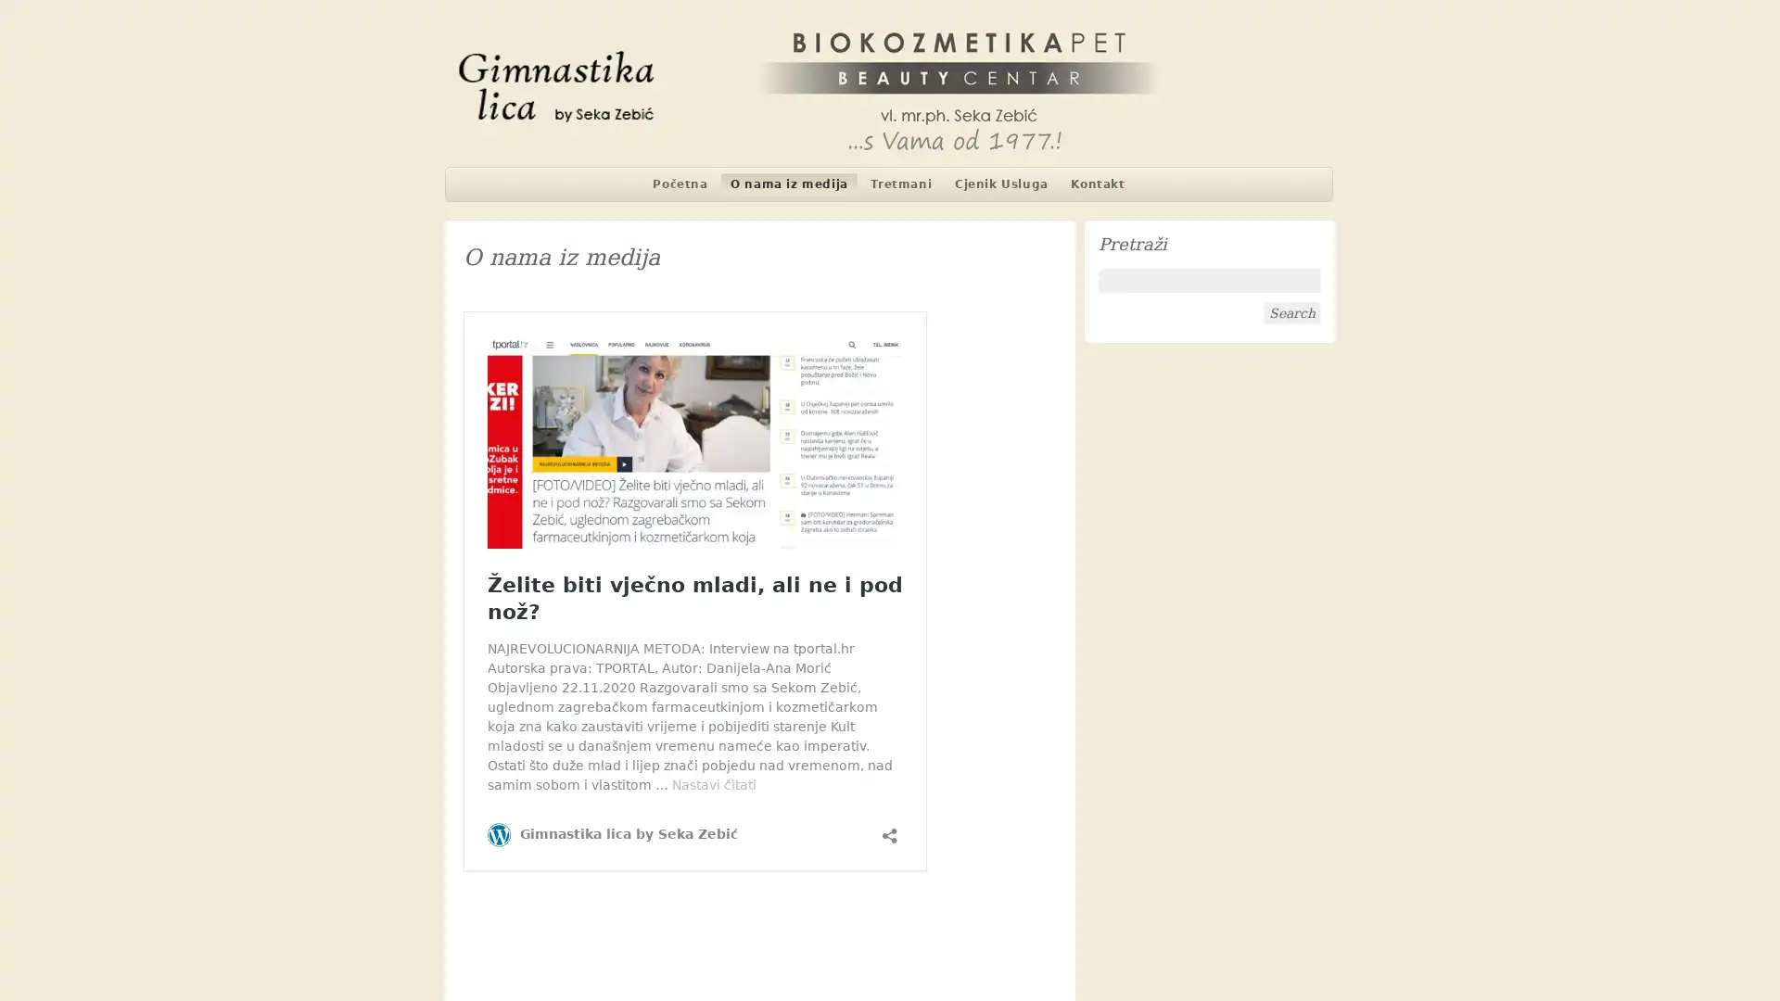  Describe the element at coordinates (1290, 312) in the screenshot. I see `Search` at that location.